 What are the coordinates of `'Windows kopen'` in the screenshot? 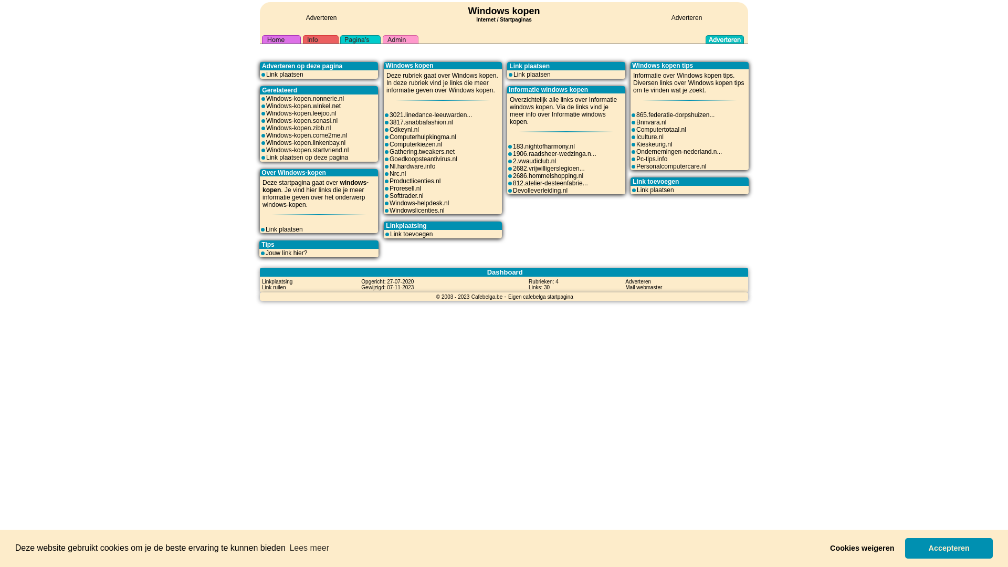 It's located at (468, 10).